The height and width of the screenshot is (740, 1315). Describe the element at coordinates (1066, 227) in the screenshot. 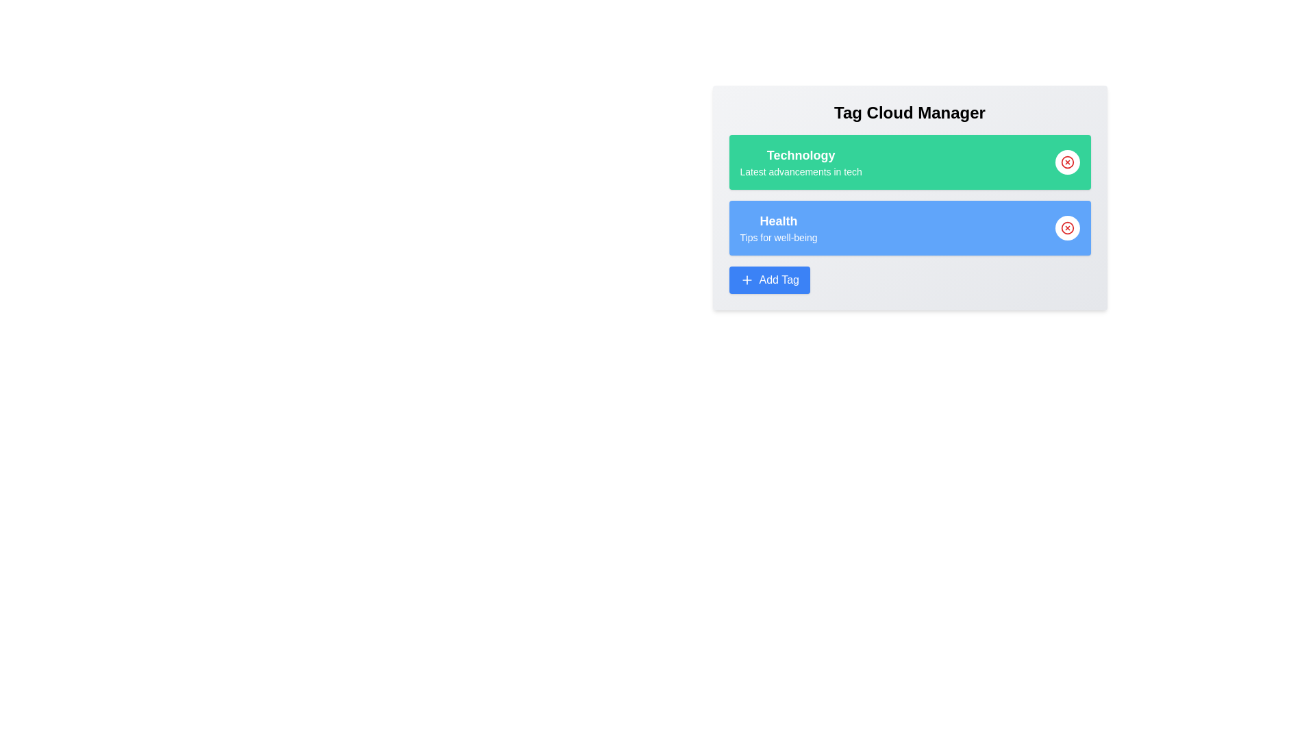

I see `'Remove Tag' button for the tag Health` at that location.